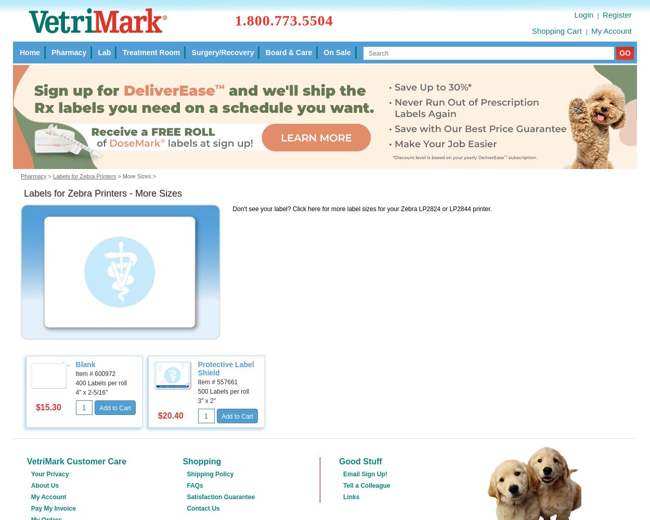 The width and height of the screenshot is (650, 520). Describe the element at coordinates (206, 400) in the screenshot. I see `'3" x 2"'` at that location.